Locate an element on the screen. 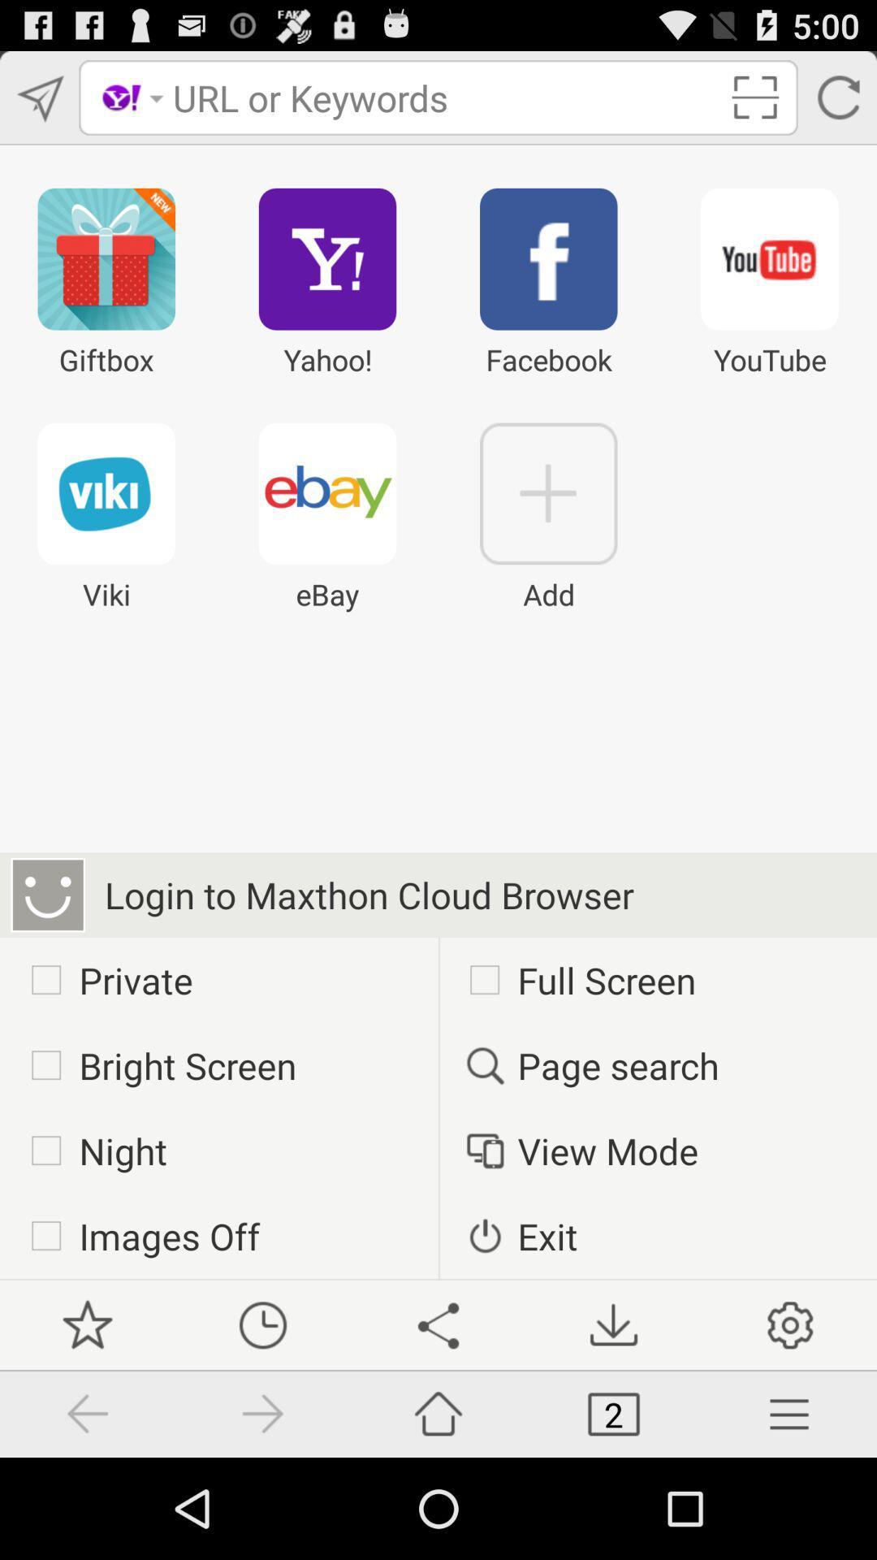 This screenshot has width=877, height=1560. the facebook icon is located at coordinates (548, 292).